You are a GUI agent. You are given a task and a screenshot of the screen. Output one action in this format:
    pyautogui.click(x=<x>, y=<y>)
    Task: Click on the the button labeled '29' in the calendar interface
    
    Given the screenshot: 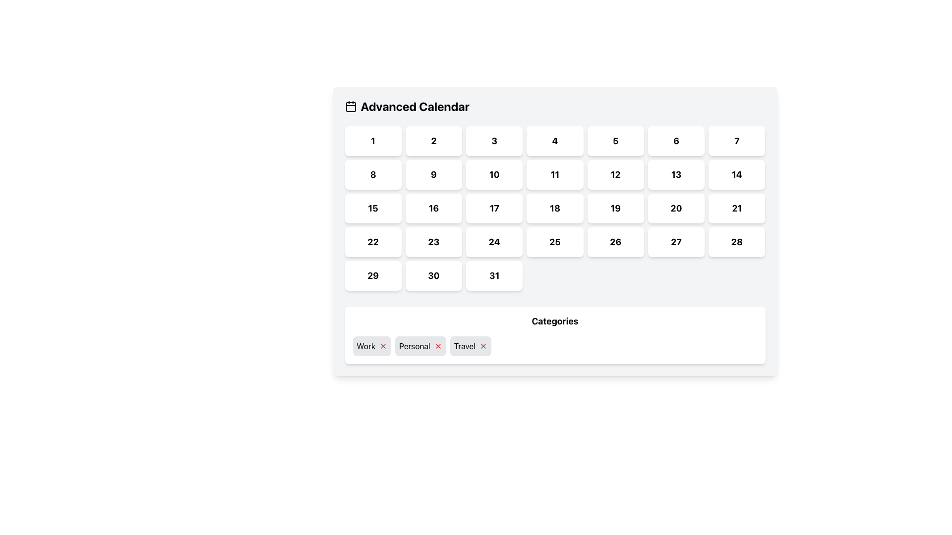 What is the action you would take?
    pyautogui.click(x=372, y=275)
    